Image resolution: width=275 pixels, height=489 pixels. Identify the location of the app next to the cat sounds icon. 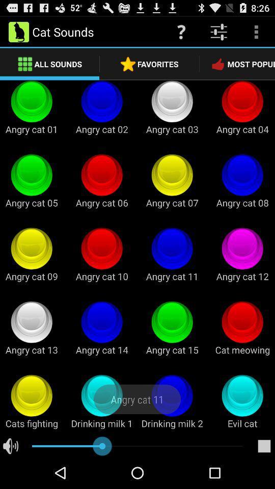
(181, 32).